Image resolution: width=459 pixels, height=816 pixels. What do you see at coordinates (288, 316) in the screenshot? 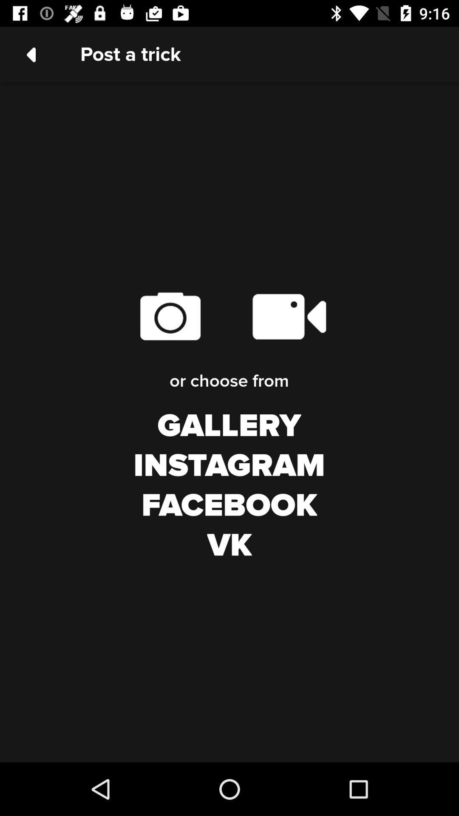
I see `chooses video from phone` at bounding box center [288, 316].